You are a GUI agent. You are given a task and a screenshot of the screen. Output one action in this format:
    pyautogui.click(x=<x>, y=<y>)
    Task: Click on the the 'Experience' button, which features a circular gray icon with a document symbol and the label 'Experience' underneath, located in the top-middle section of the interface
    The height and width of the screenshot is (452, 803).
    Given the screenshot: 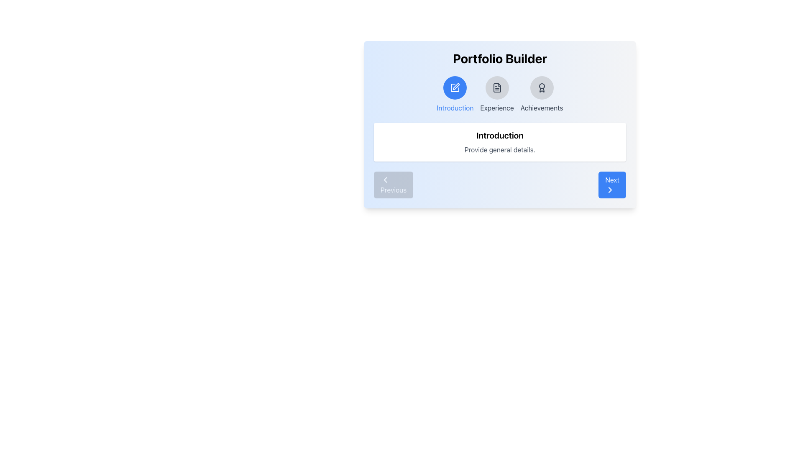 What is the action you would take?
    pyautogui.click(x=497, y=94)
    